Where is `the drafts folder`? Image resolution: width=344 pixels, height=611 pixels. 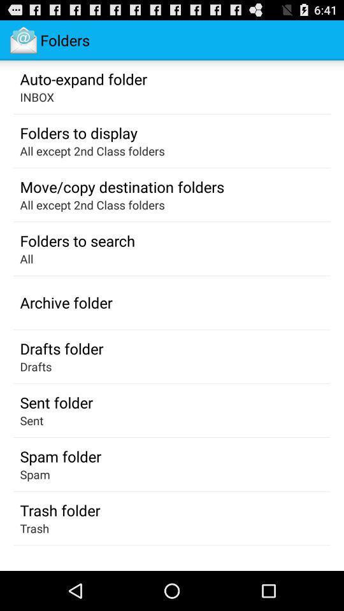
the drafts folder is located at coordinates (61, 348).